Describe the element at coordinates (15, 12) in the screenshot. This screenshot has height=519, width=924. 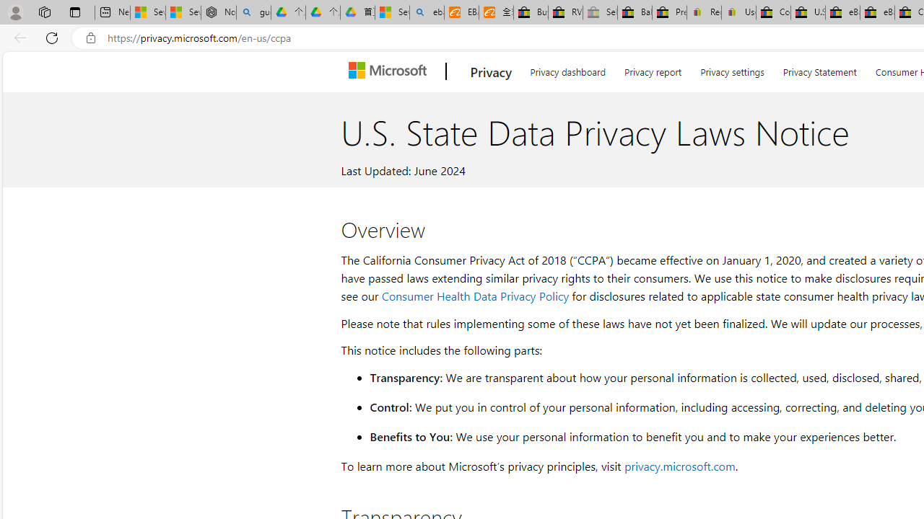
I see `'Personal Profile'` at that location.